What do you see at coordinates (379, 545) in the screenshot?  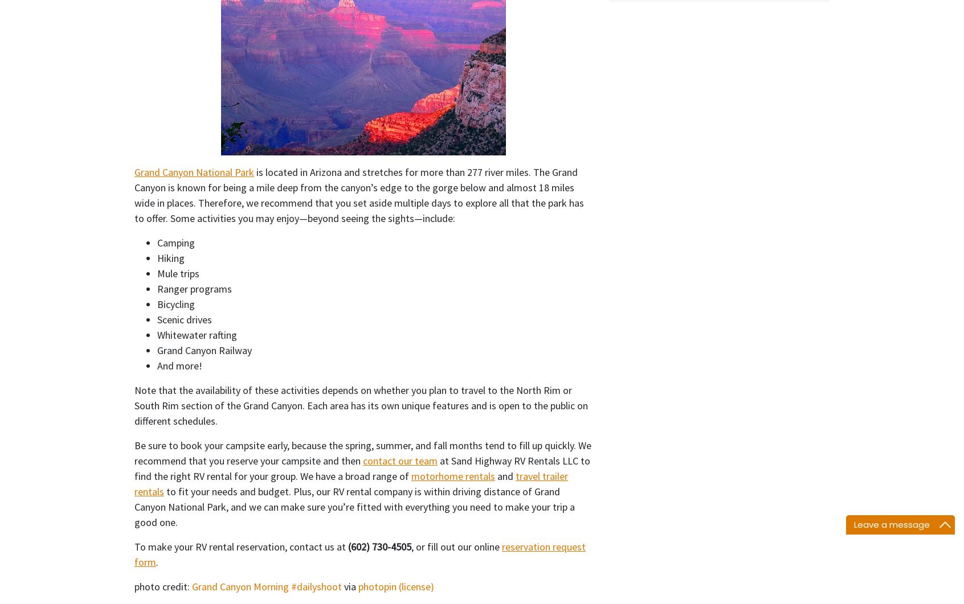 I see `'(602) 730-4505'` at bounding box center [379, 545].